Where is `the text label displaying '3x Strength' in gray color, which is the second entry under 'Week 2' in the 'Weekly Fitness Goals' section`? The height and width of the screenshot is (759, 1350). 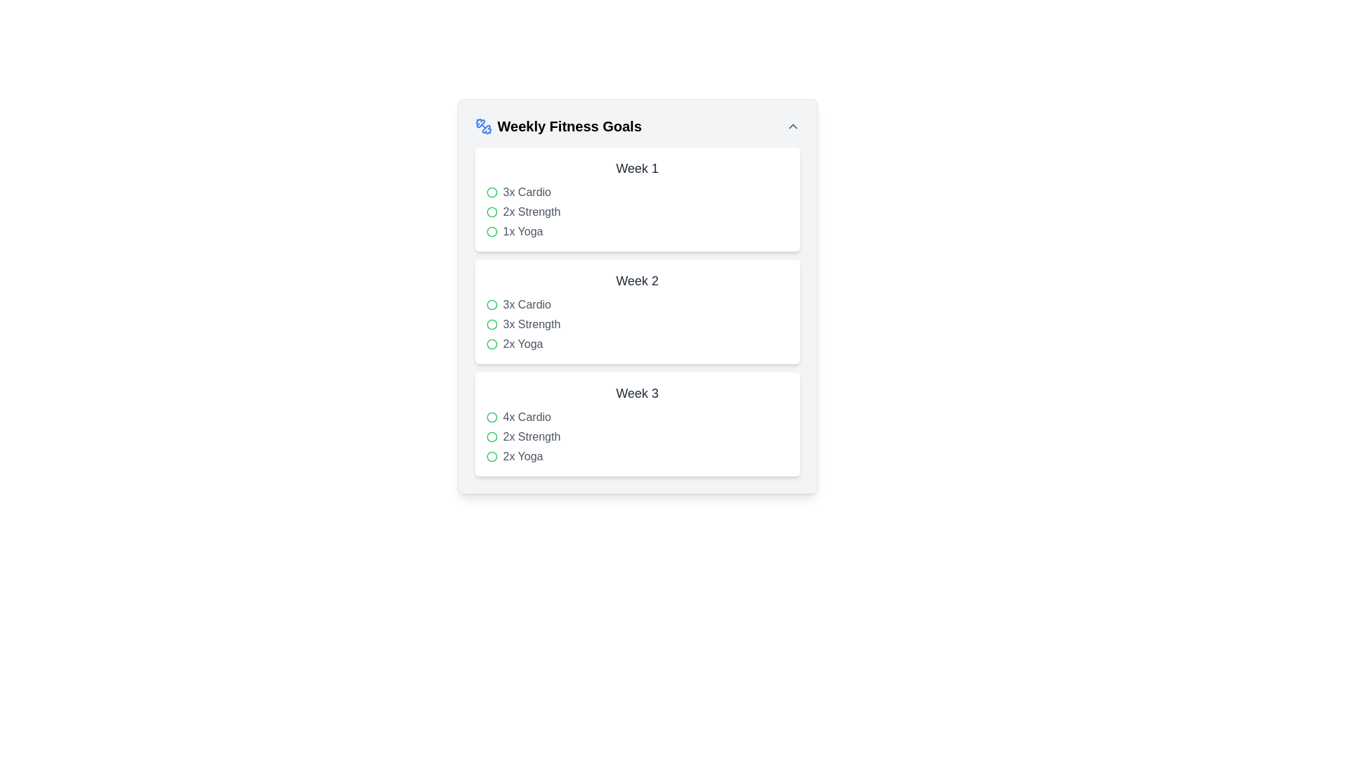 the text label displaying '3x Strength' in gray color, which is the second entry under 'Week 2' in the 'Weekly Fitness Goals' section is located at coordinates (531, 325).